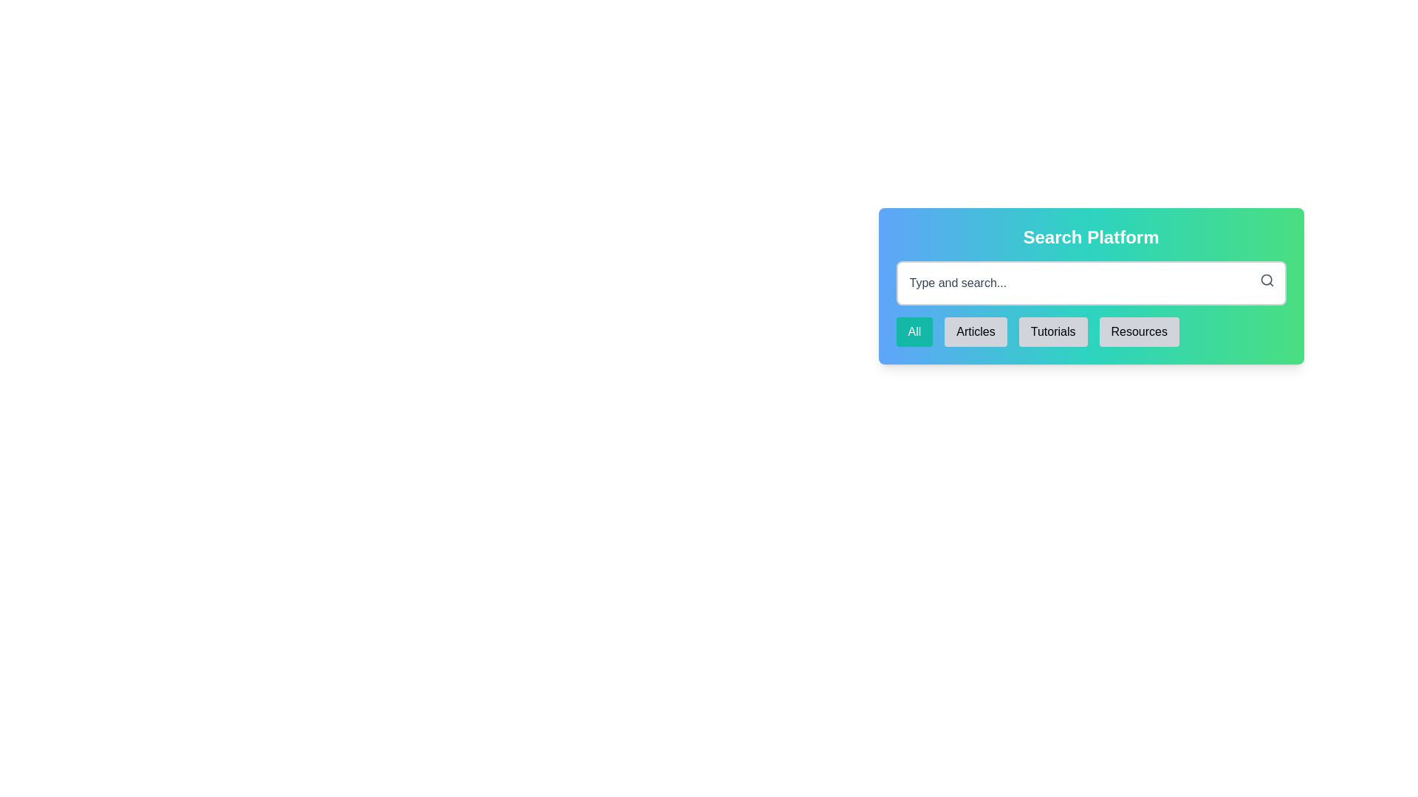  Describe the element at coordinates (914, 332) in the screenshot. I see `the rectangular button labeled 'All' with white text on a teal background` at that location.